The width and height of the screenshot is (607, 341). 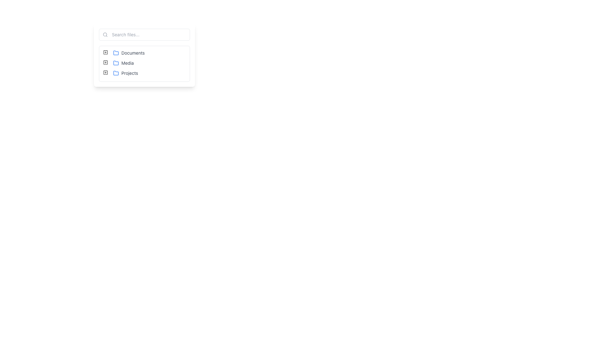 What do you see at coordinates (106, 52) in the screenshot?
I see `the plus-square icon button (tree-switcher)` at bounding box center [106, 52].